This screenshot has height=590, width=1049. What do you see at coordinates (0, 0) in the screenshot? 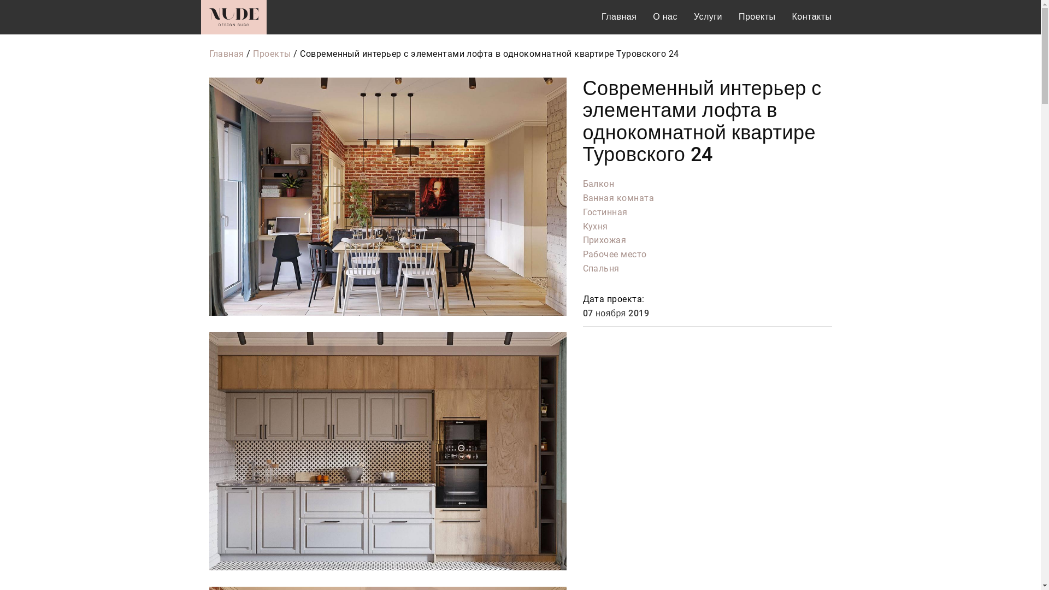
I see `'Skip to main navigation'` at bounding box center [0, 0].